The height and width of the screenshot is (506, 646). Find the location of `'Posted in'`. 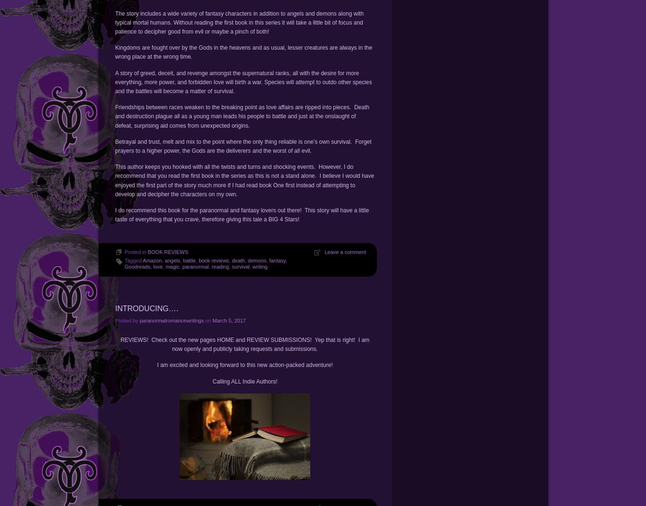

'Posted in' is located at coordinates (124, 252).